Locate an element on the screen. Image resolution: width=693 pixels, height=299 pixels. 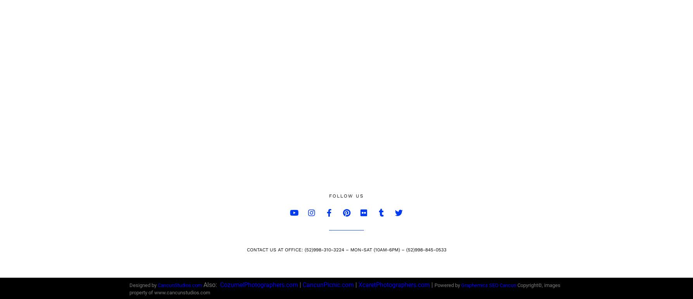
'XcaretPhotographers.com' is located at coordinates (394, 285).